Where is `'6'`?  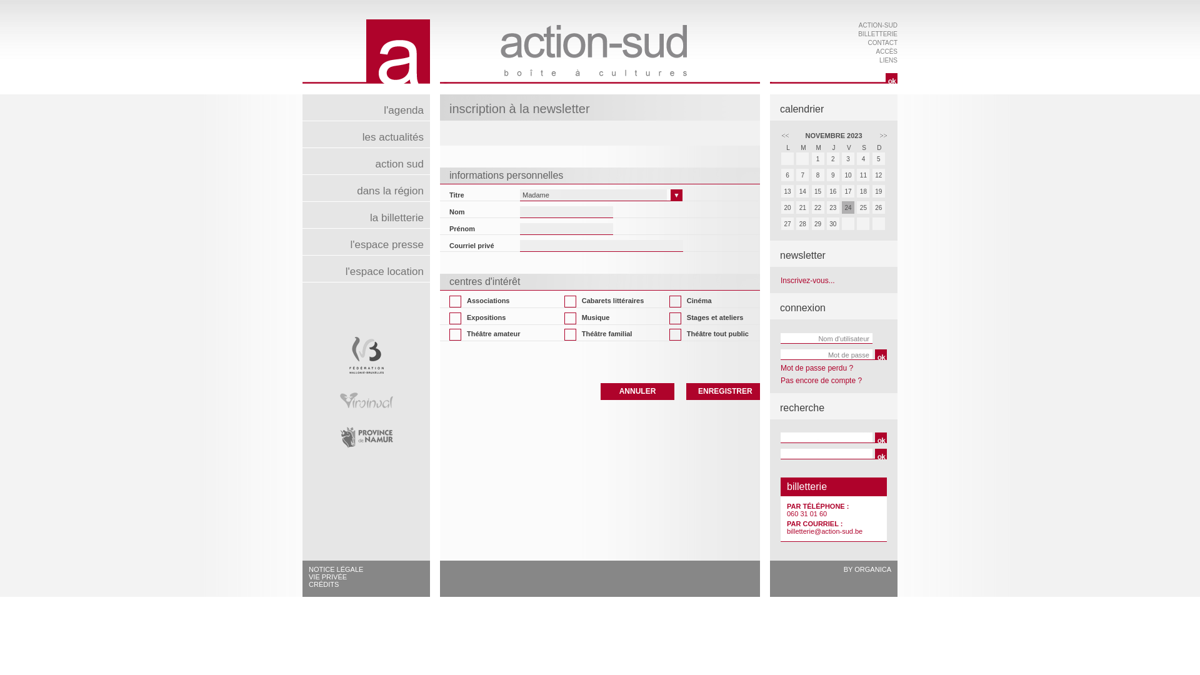
'6' is located at coordinates (780, 175).